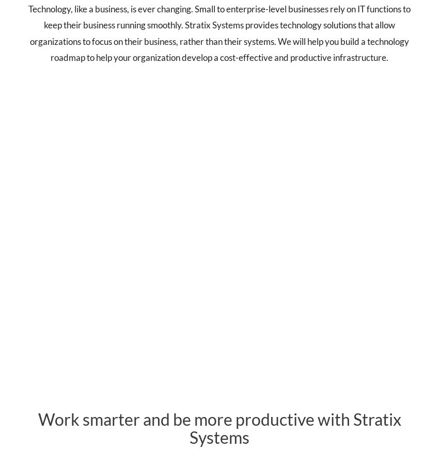  Describe the element at coordinates (219, 237) in the screenshot. I see `'Cyber'` at that location.